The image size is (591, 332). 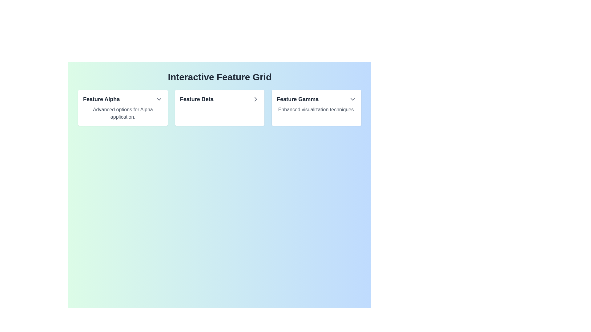 I want to click on the text label displaying 'Enhanced visualization techniques.' which is located within the 'Feature Gamma' panel and is styled in gray color, so click(x=316, y=109).